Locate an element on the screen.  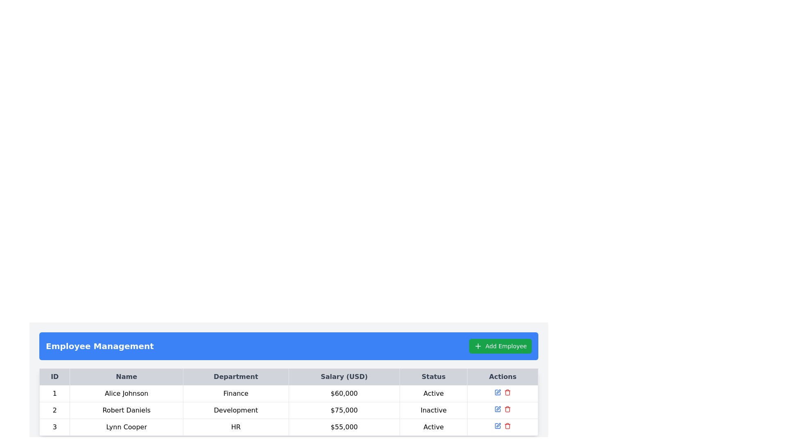
the body of the trash icon, which is a rectangular shape with rounded corners, located in the third row of the 'Actions' column is located at coordinates (507, 426).